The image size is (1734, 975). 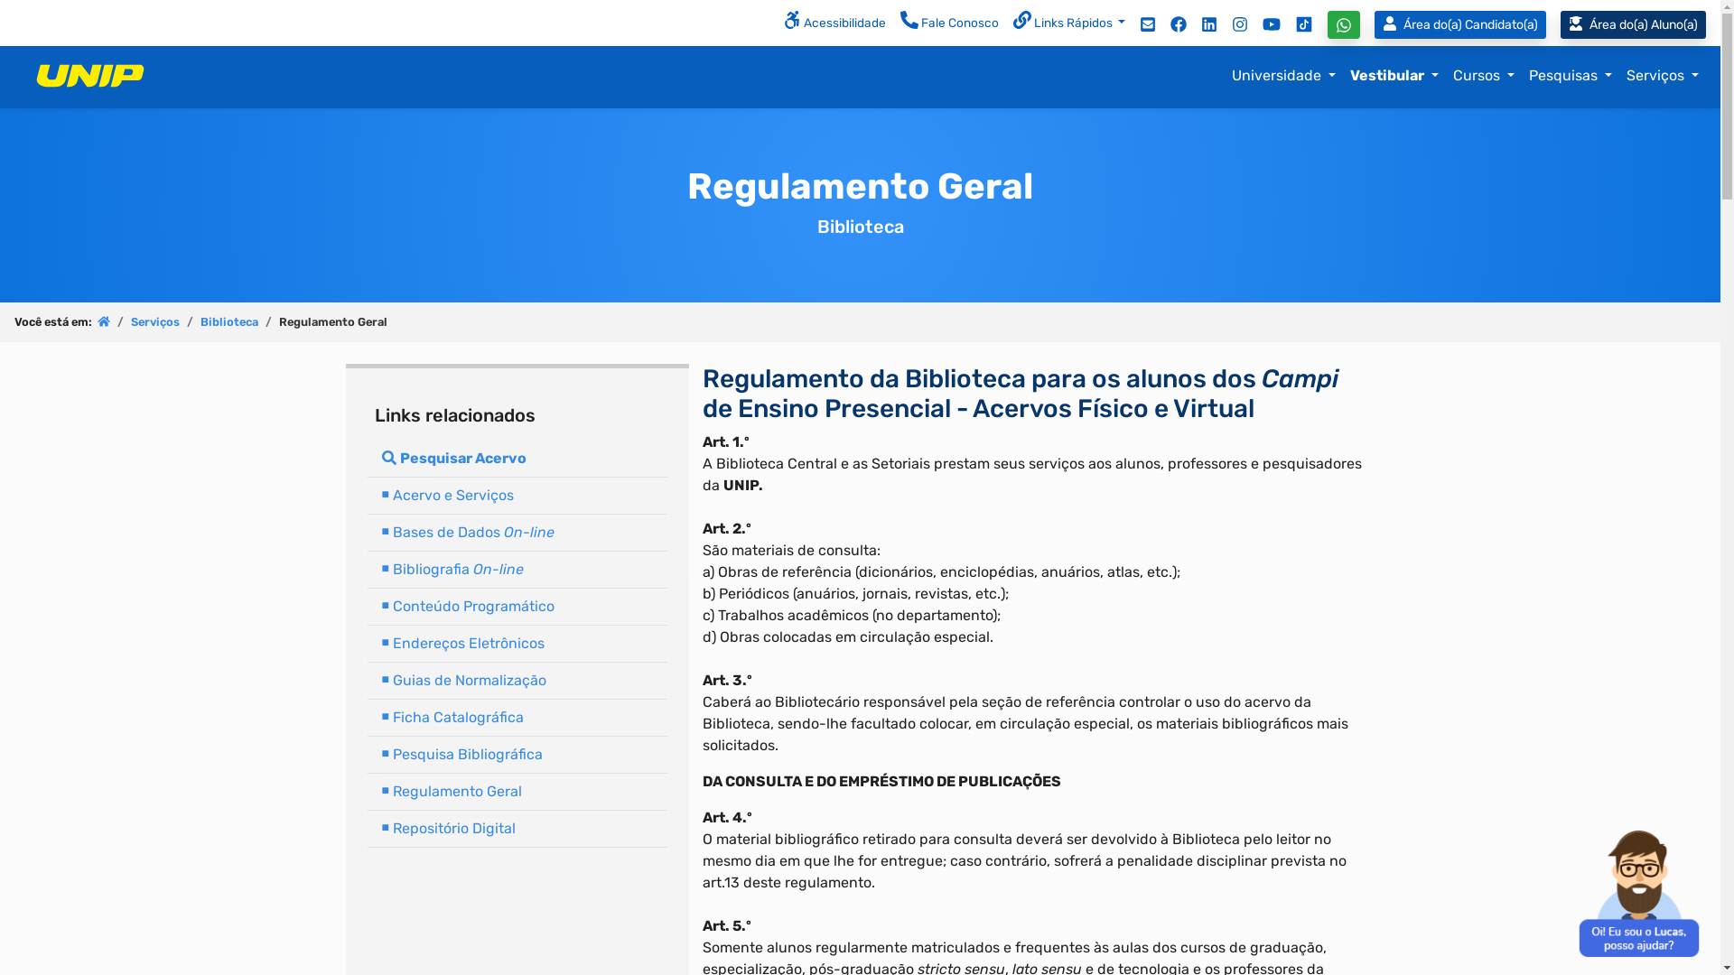 I want to click on 'Siga a UNIP no Instagram', so click(x=1238, y=23).